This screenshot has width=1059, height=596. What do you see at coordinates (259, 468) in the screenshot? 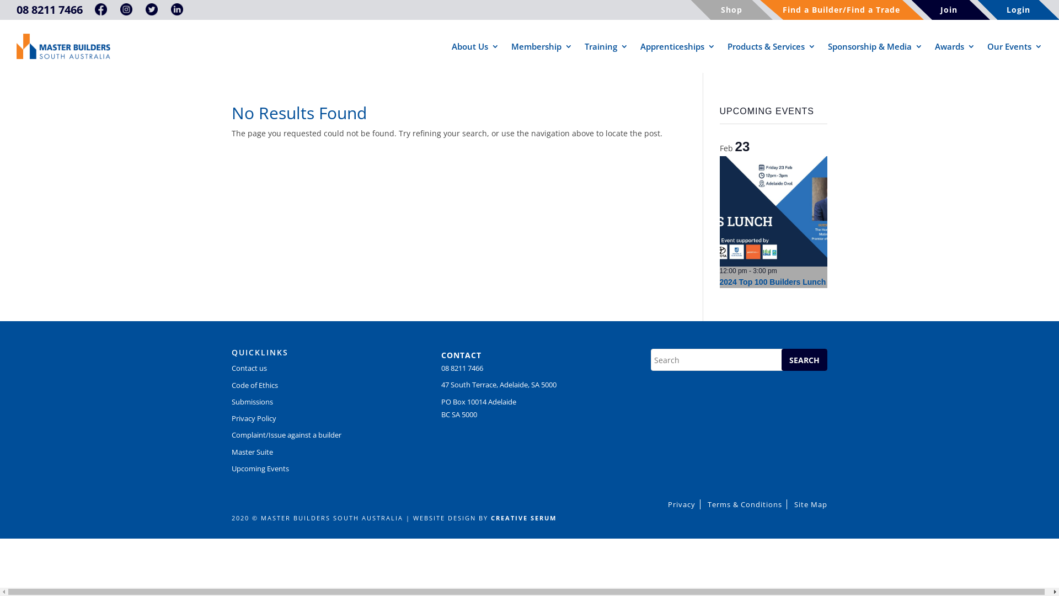
I see `'Upcoming Events'` at bounding box center [259, 468].